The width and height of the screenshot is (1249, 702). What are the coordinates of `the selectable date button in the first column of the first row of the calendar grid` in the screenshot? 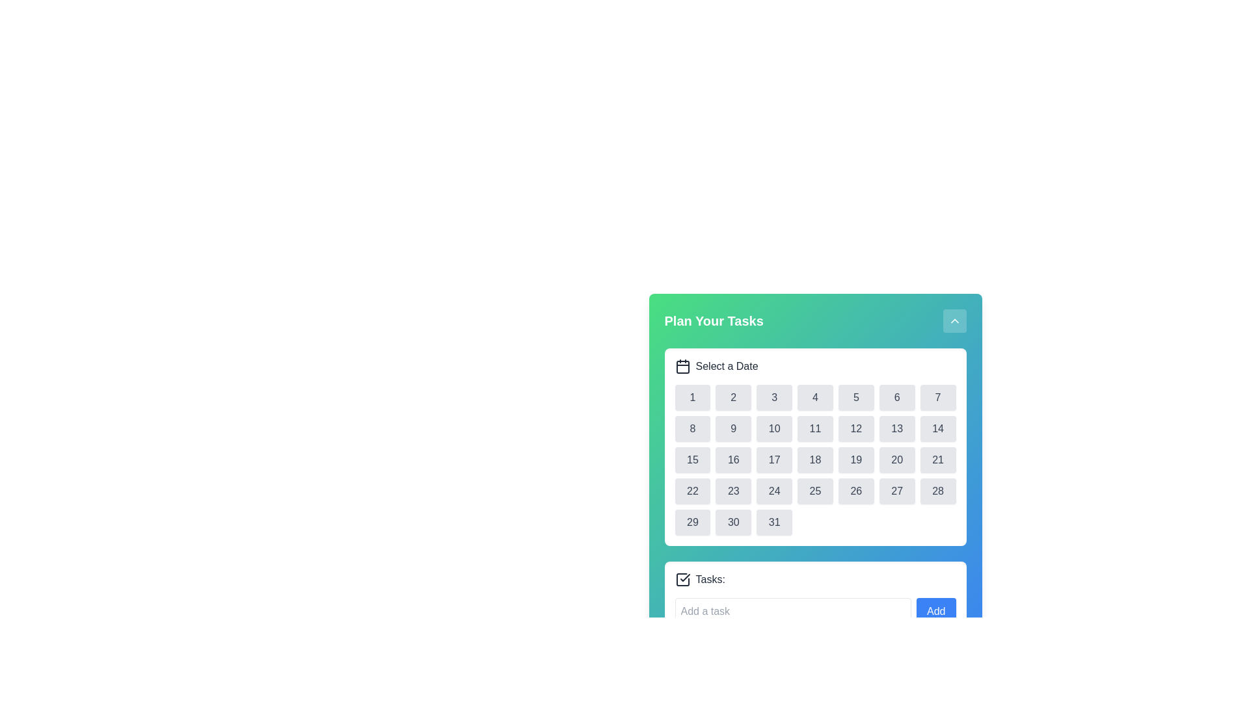 It's located at (692, 397).